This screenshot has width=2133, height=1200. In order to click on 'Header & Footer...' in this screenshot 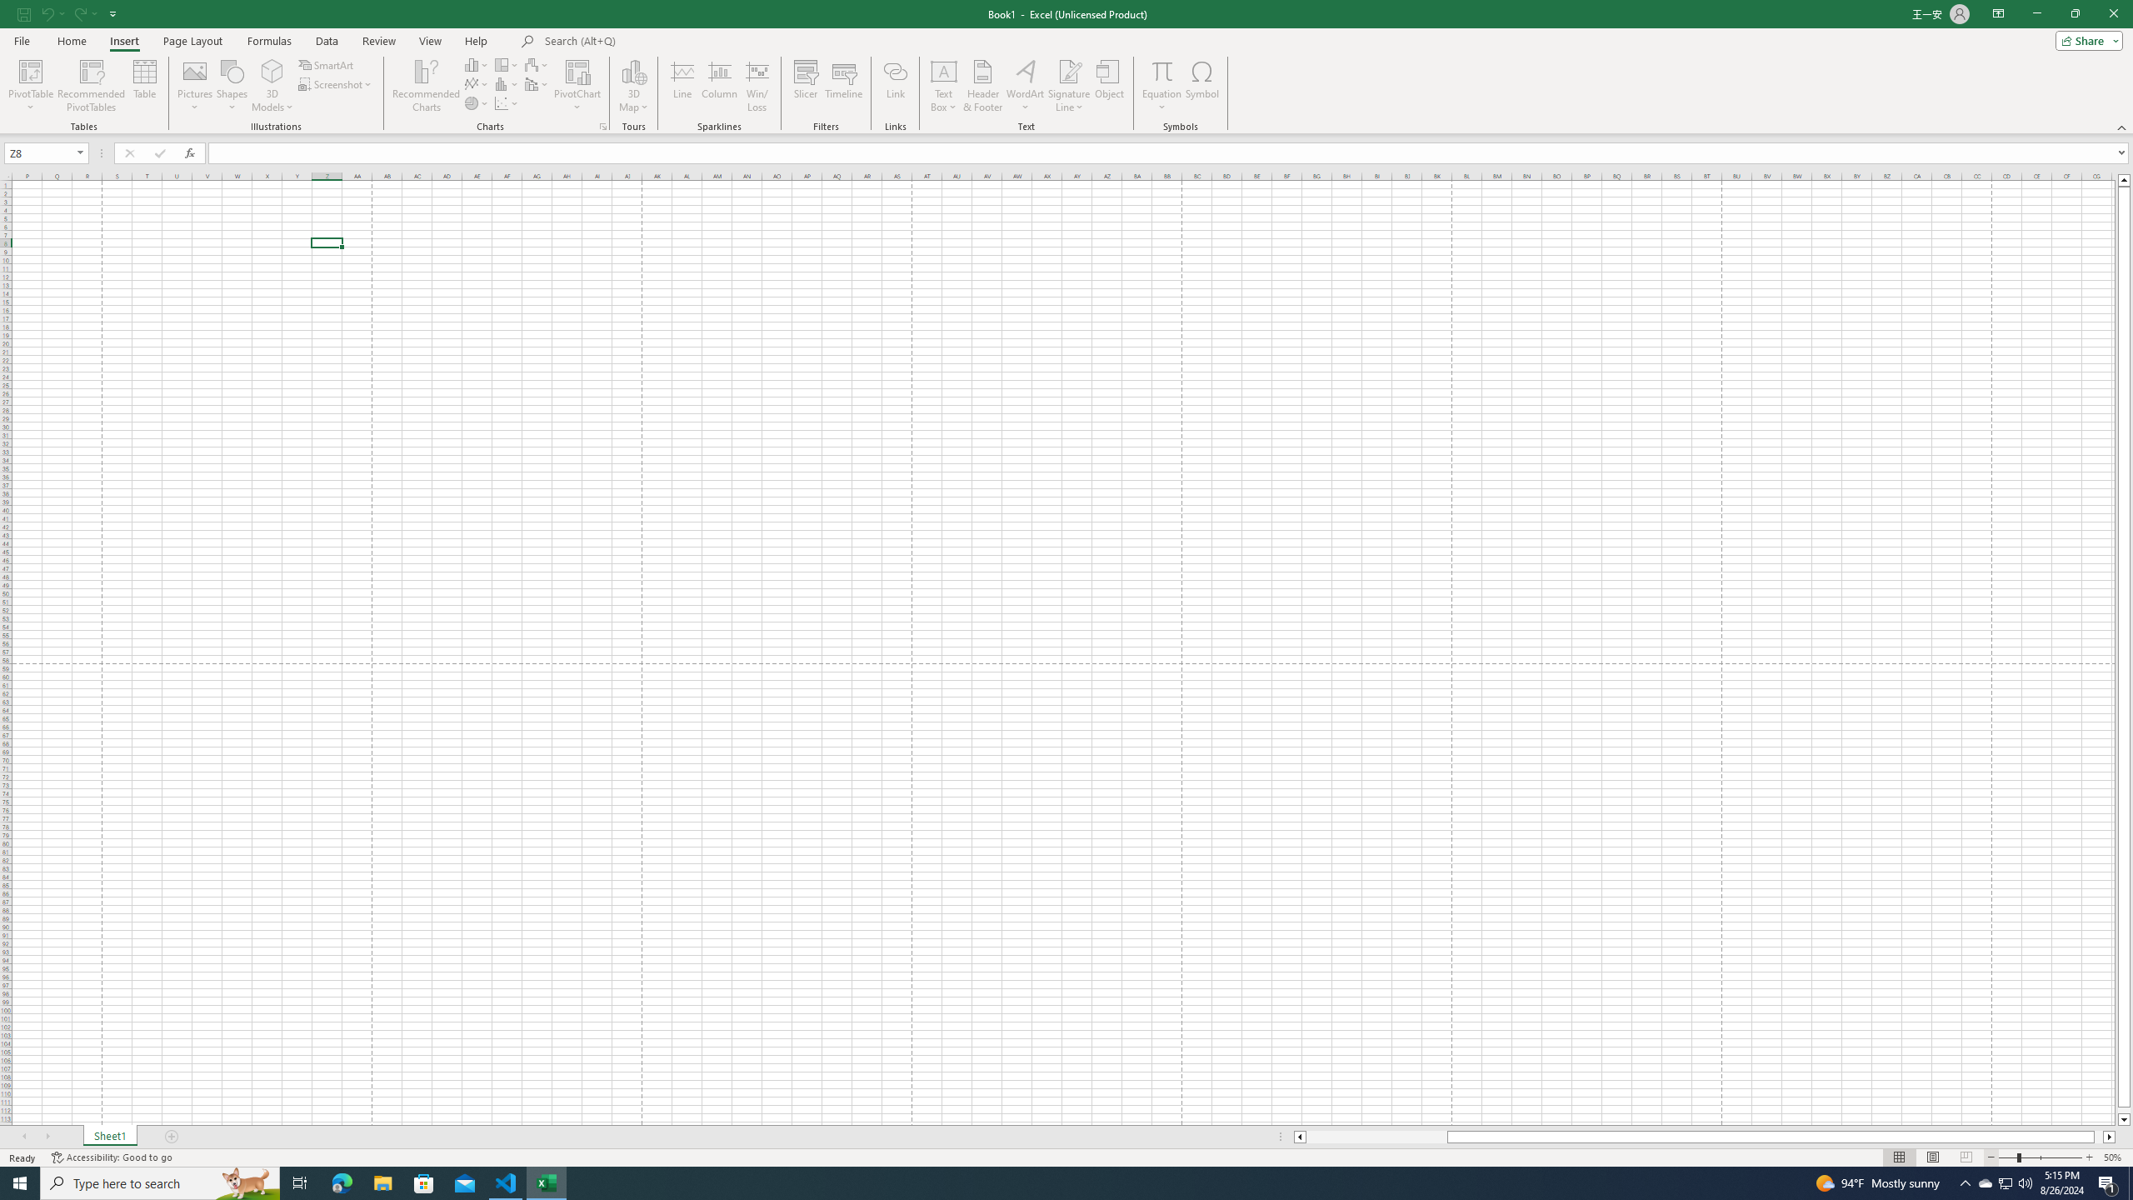, I will do `click(982, 86)`.